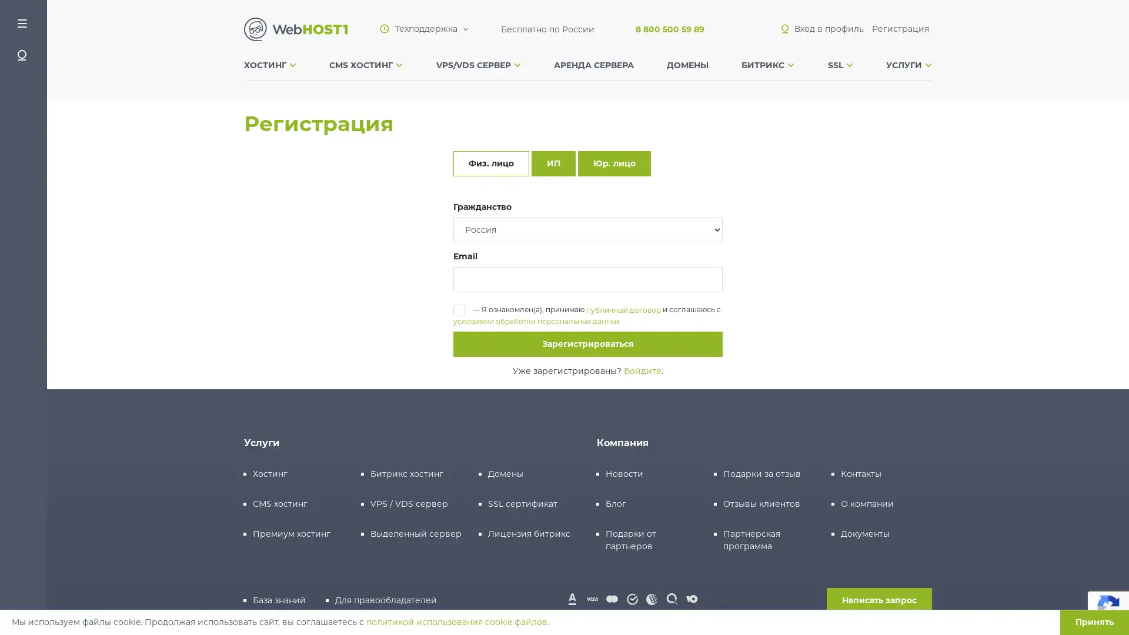  I want to click on ., so click(614, 163).